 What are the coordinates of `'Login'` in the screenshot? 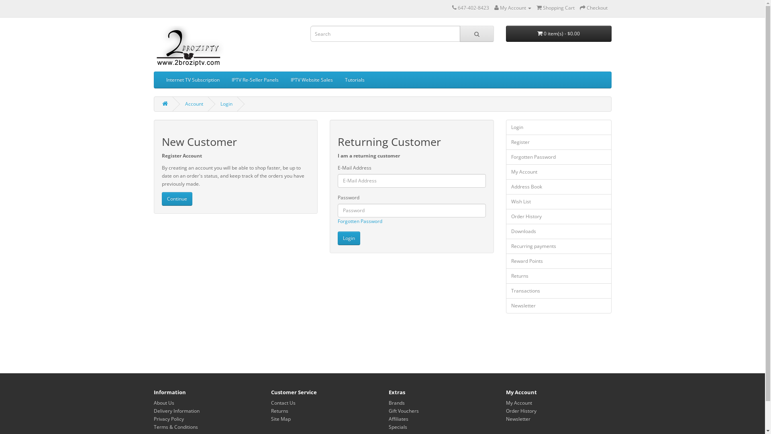 It's located at (337, 238).